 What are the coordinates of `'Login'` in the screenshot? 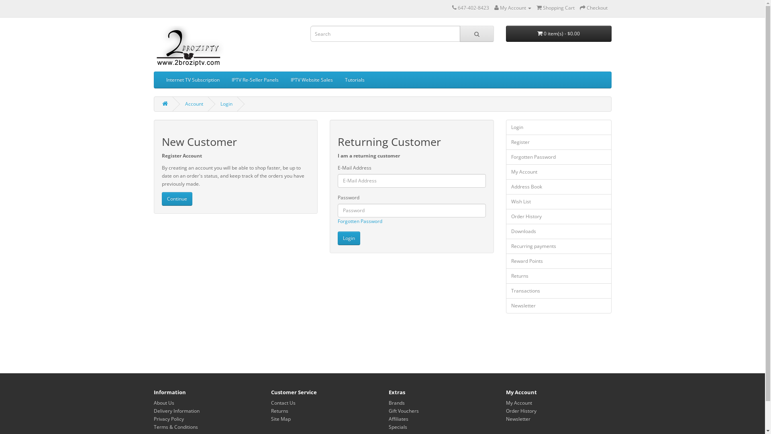 It's located at (337, 238).